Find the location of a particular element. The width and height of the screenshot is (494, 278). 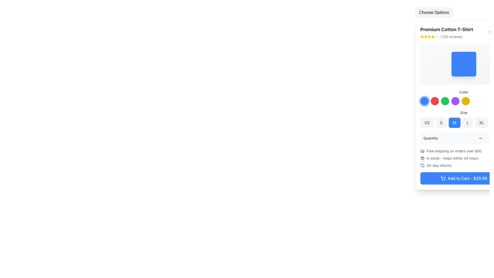

the fifth yellow star-shaped rating icon, which is part of a sequence of six stars, located above the product description 'Premium Cotton T-Shirt' is located at coordinates (433, 36).